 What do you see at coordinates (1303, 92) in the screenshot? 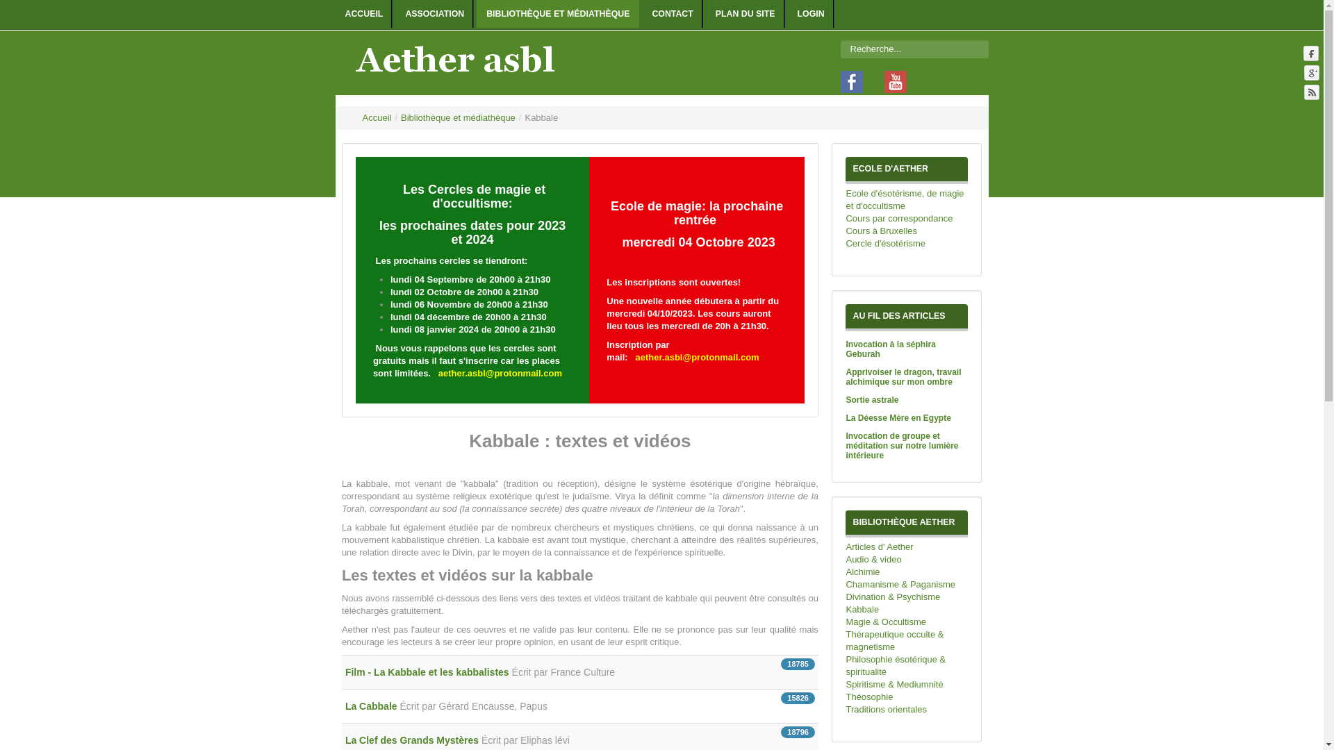
I see `'RSS Feed'` at bounding box center [1303, 92].